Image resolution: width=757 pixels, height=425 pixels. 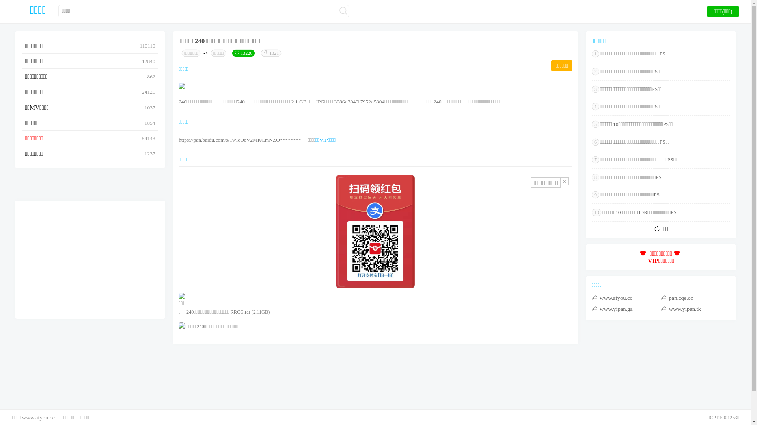 What do you see at coordinates (695, 309) in the screenshot?
I see `'www.yipan.tk'` at bounding box center [695, 309].